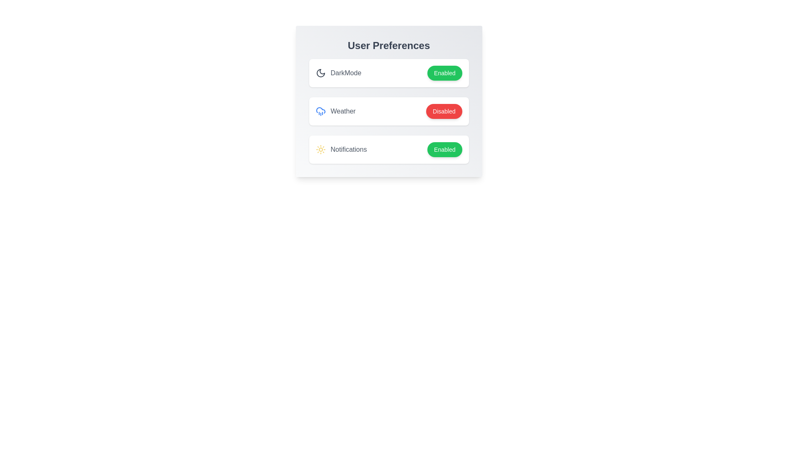  Describe the element at coordinates (444, 73) in the screenshot. I see `the button labeled Enabled to observe style changes` at that location.